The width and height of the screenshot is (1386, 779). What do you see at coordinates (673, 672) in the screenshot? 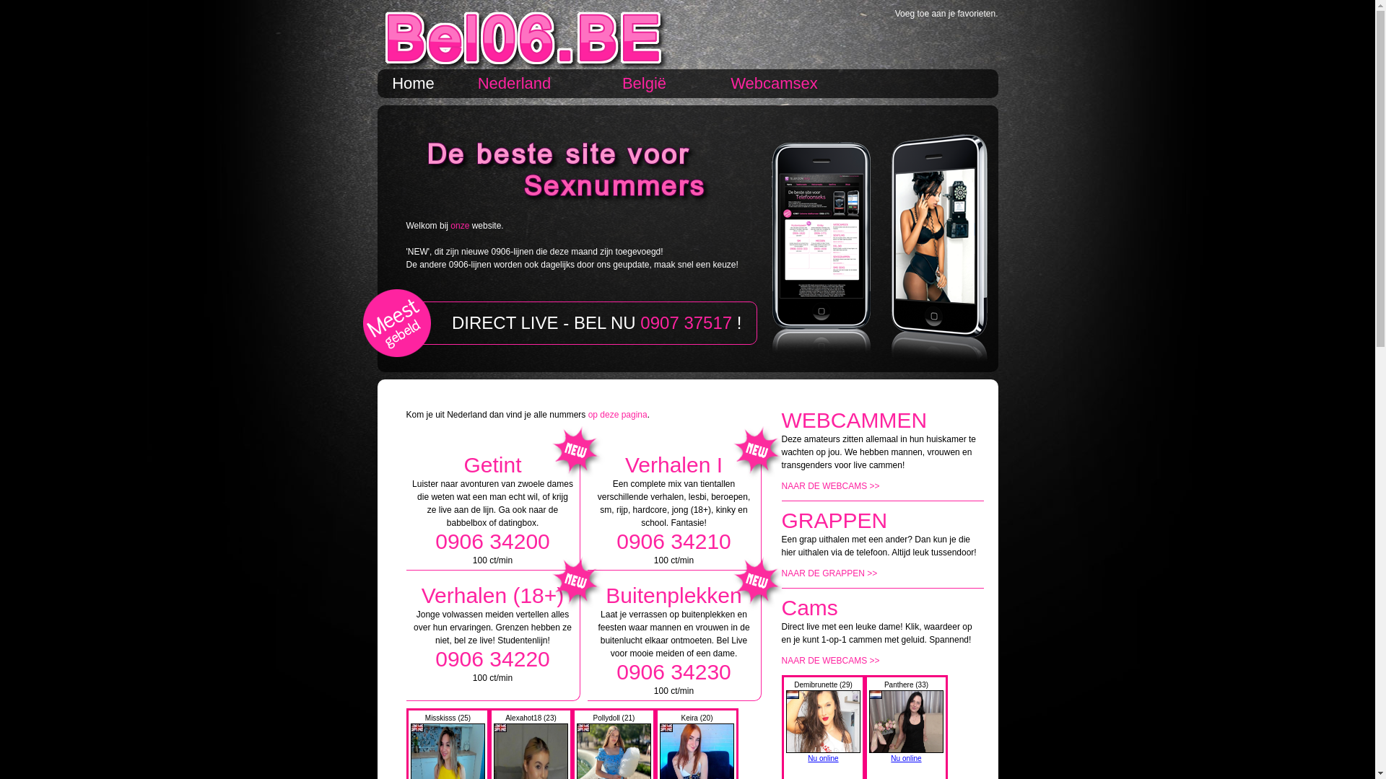
I see `'0906 34230'` at bounding box center [673, 672].